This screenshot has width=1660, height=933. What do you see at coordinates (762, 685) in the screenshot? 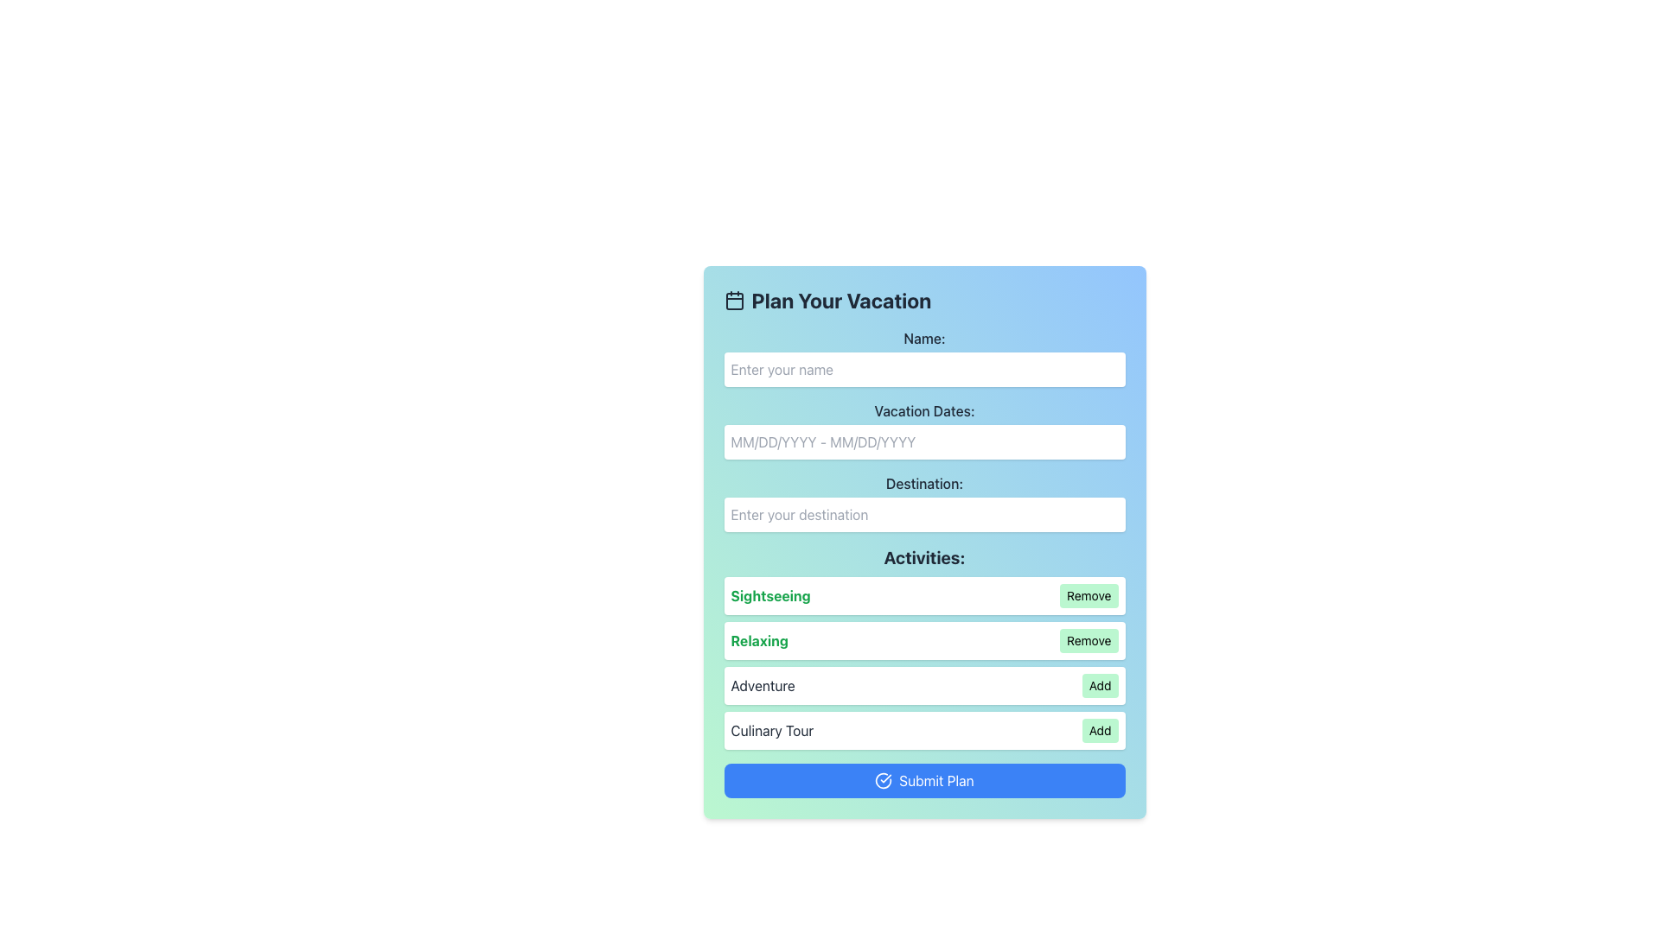
I see `the 'Adventure' text label in the 'Activities' section, which is positioned between 'Relaxing' and 'Culinary Tour' rows` at bounding box center [762, 685].